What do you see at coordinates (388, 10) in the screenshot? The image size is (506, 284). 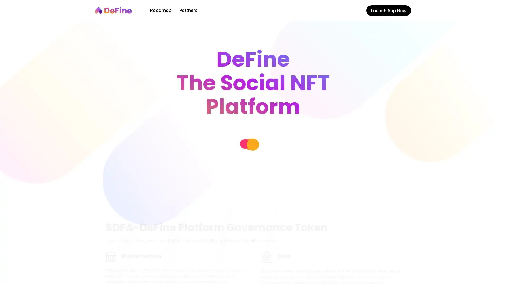 I see `Launch App Now` at bounding box center [388, 10].